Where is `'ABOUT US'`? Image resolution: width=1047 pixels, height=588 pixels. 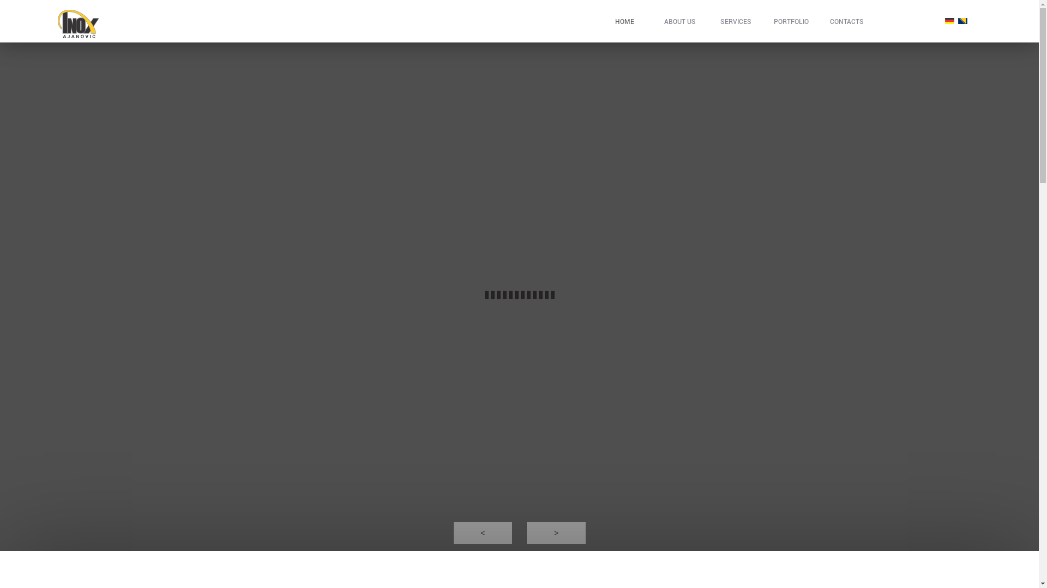 'ABOUT US' is located at coordinates (679, 21).